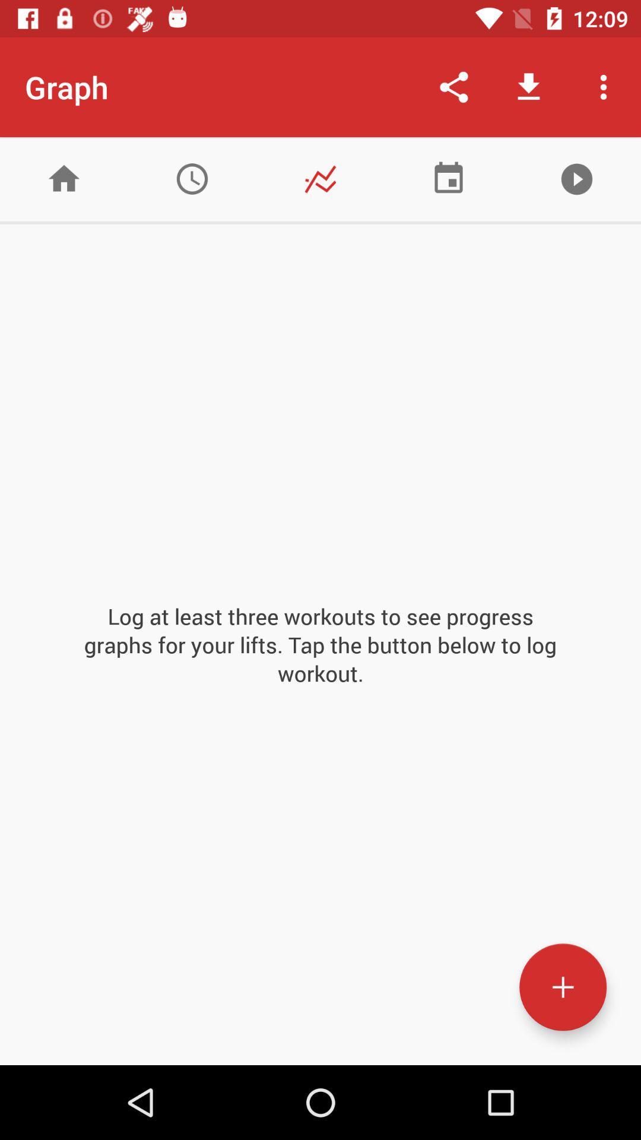 This screenshot has height=1140, width=641. Describe the element at coordinates (320, 178) in the screenshot. I see `graph` at that location.